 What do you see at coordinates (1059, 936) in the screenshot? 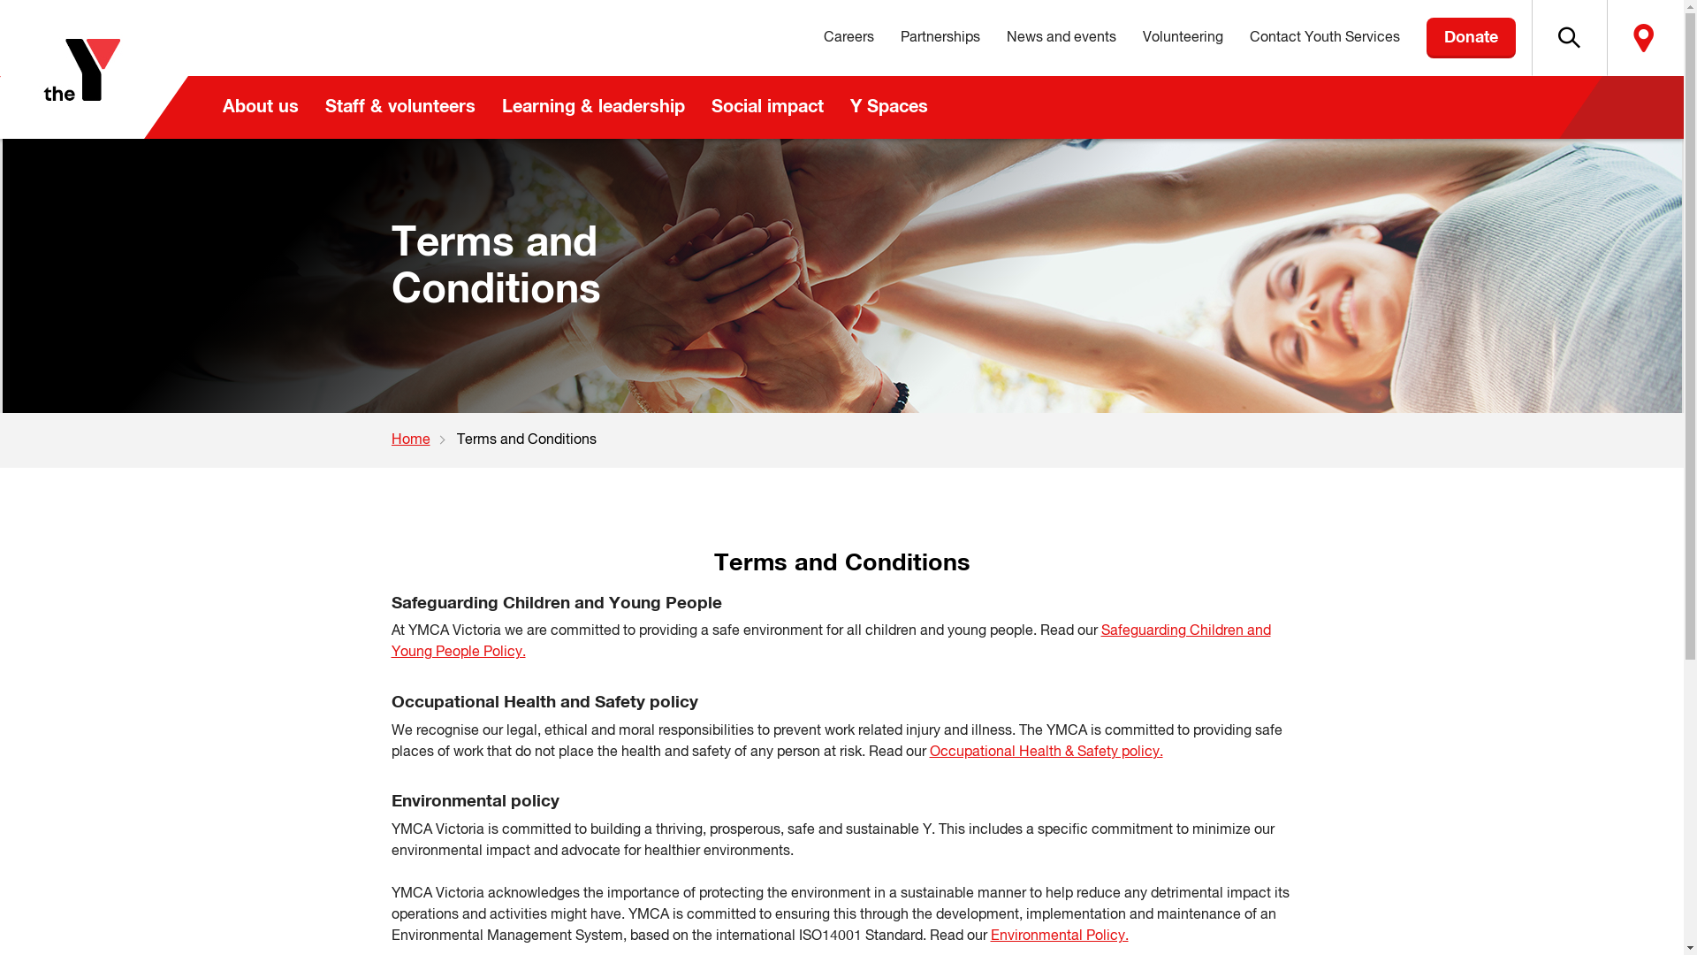
I see `'Environmental Policy.'` at bounding box center [1059, 936].